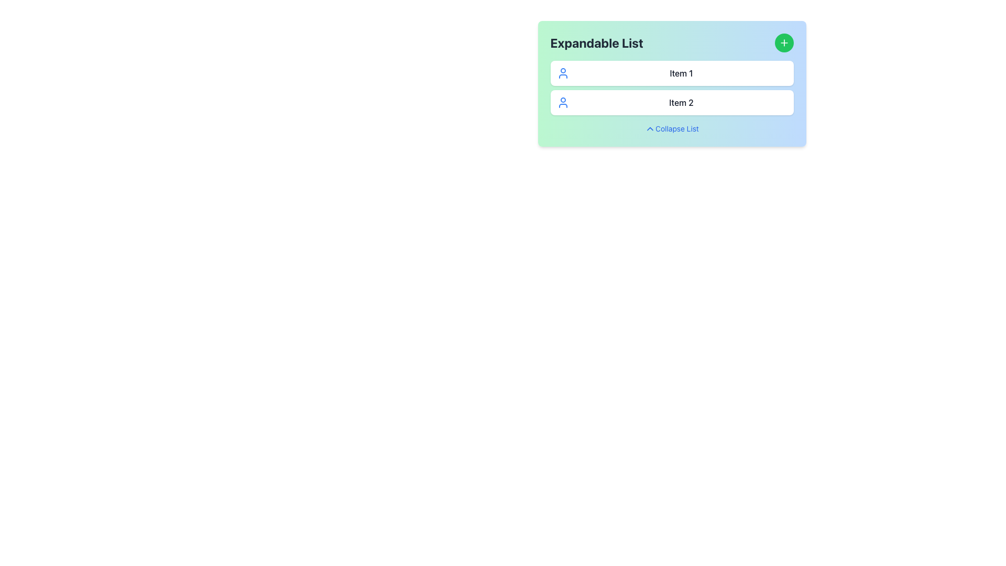 The image size is (1006, 566). Describe the element at coordinates (650, 128) in the screenshot. I see `the chevron-up icon with a blue outline located to the left of the 'Collapse List' text` at that location.